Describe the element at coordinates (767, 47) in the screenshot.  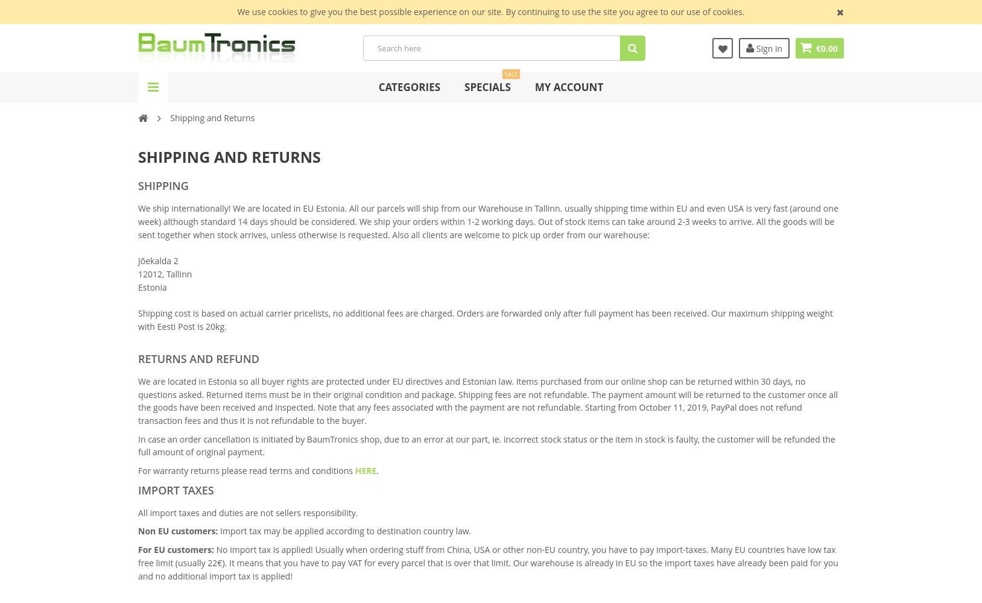
I see `'Sign in'` at that location.